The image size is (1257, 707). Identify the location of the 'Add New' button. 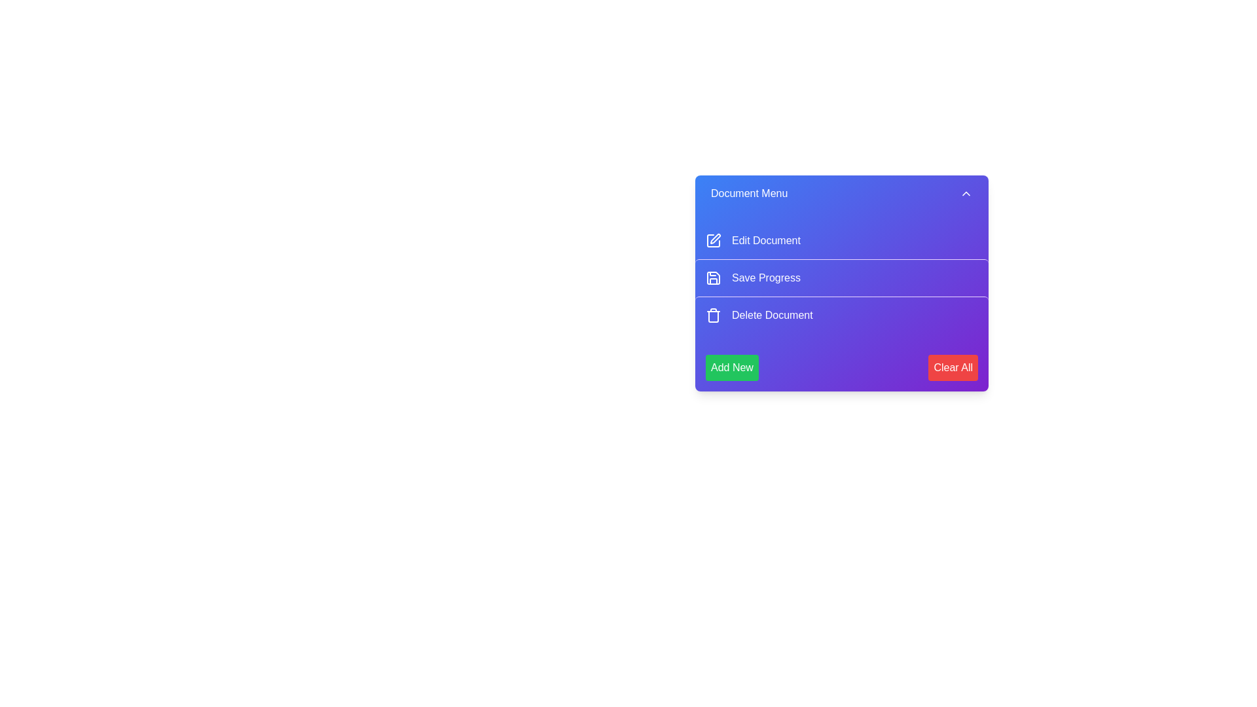
(731, 368).